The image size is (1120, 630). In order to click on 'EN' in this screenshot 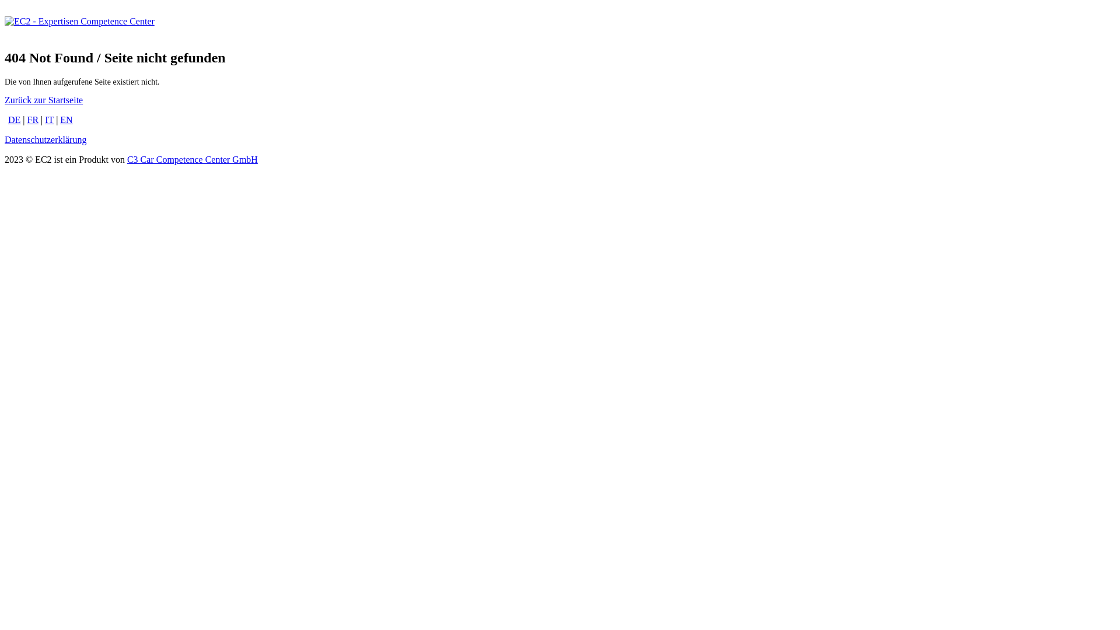, I will do `click(65, 120)`.